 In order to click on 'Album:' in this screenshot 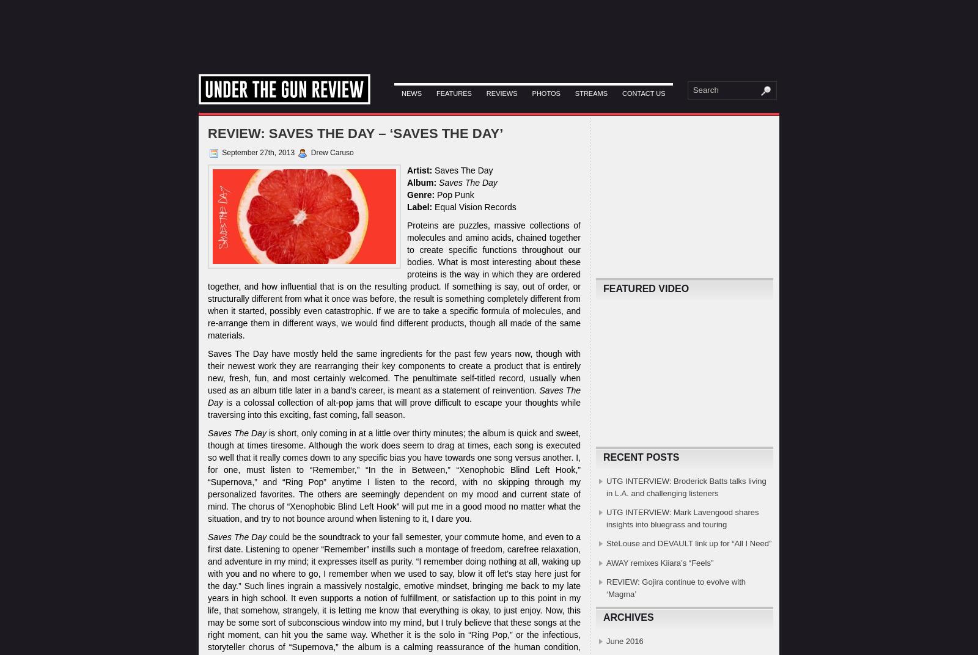, I will do `click(422, 181)`.